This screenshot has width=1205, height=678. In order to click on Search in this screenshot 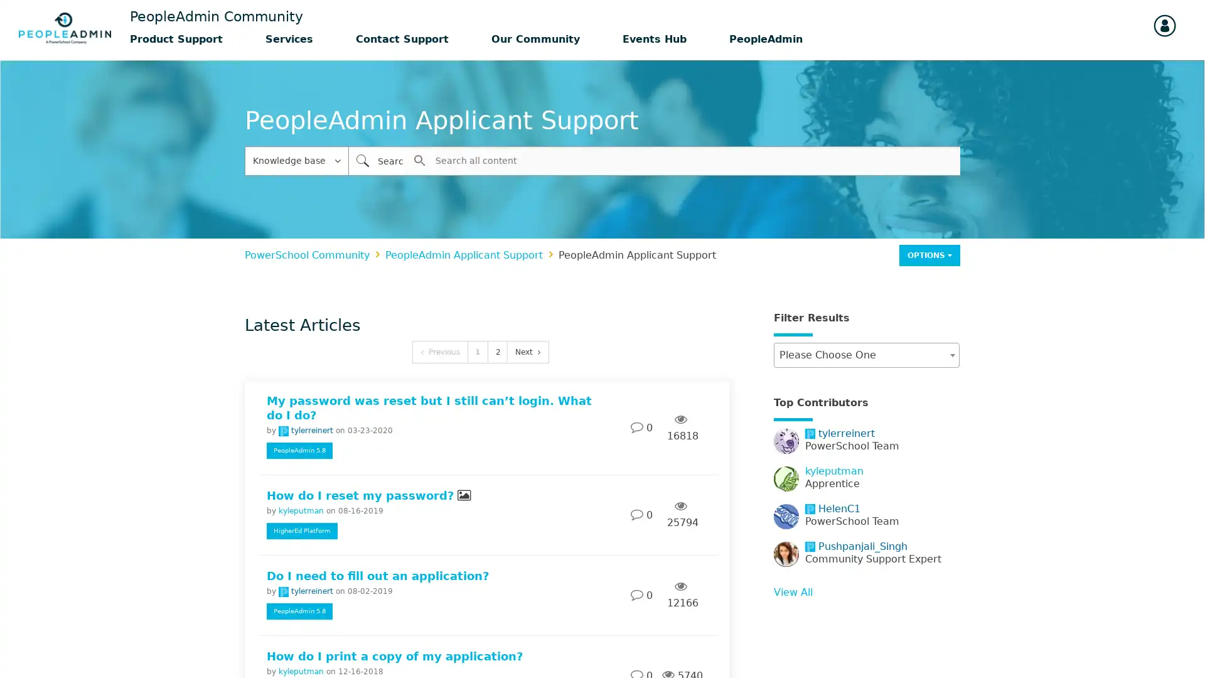, I will do `click(361, 159)`.